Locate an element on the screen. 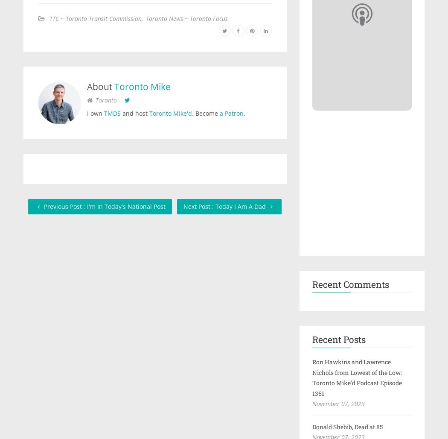 The height and width of the screenshot is (439, 448). 'November 07, 2023' is located at coordinates (337, 404).